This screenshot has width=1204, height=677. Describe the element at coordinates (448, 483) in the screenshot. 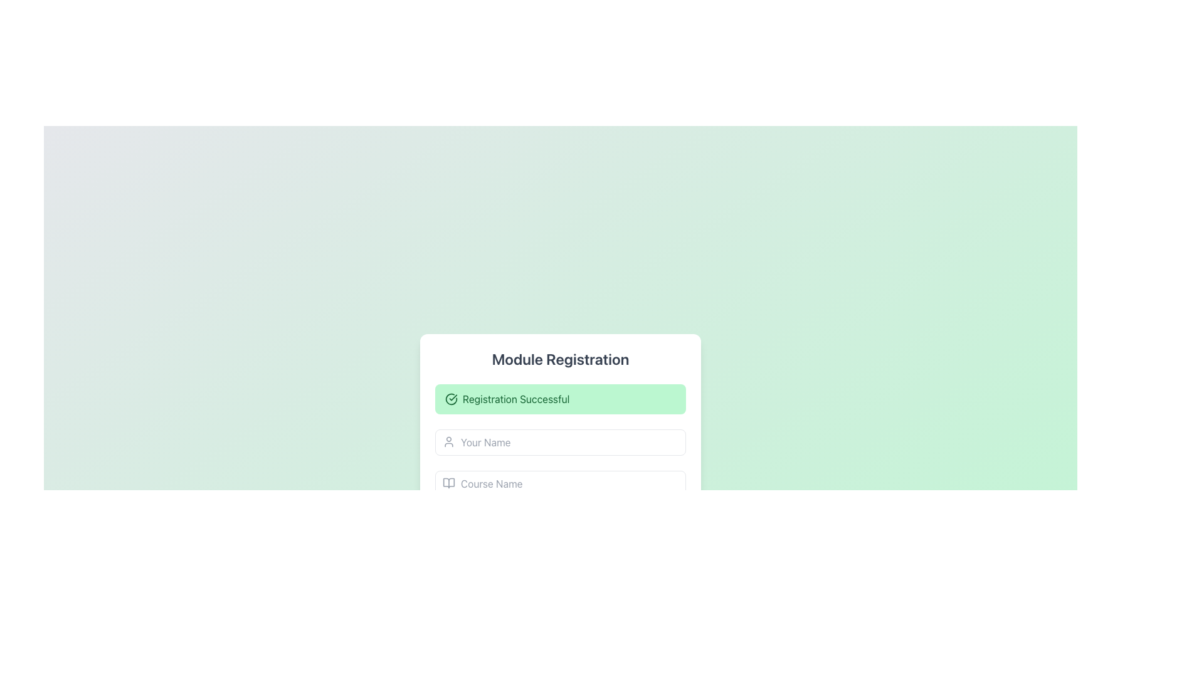

I see `the icon indicating the 'Course Name' text field, which is positioned at the leftmost side of the field` at that location.